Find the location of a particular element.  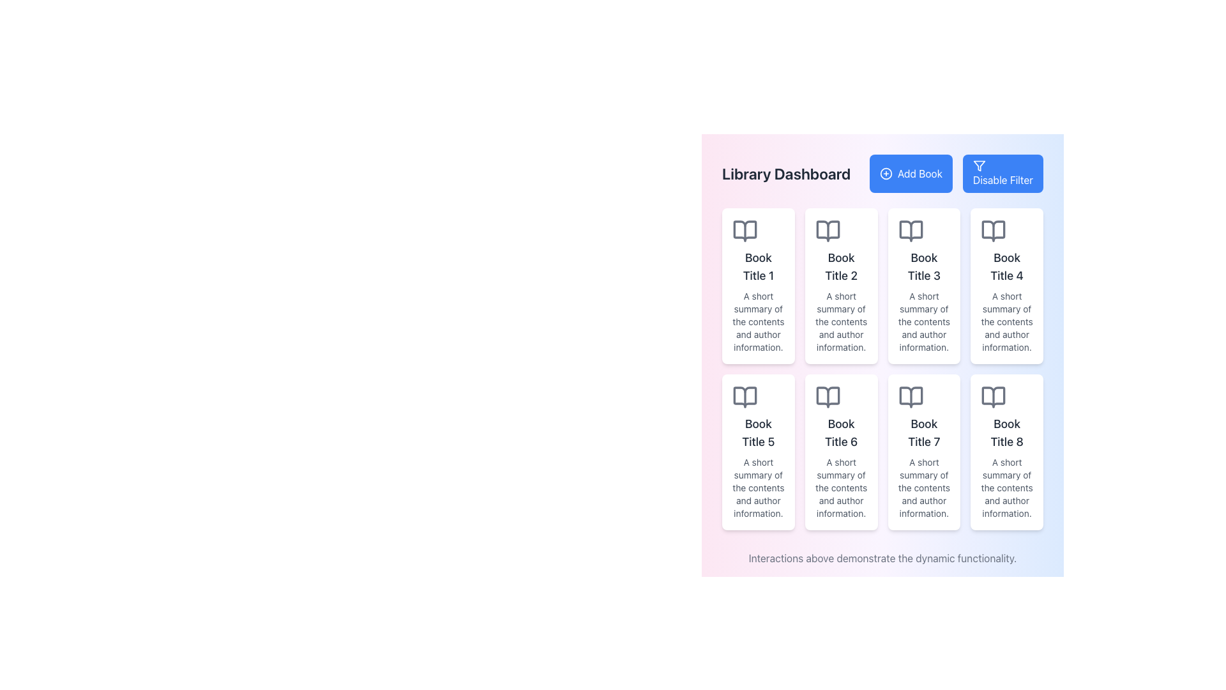

the book icon located at the top of the fifth card labeled 'Book Title 5' in the grid layout is located at coordinates (745, 396).